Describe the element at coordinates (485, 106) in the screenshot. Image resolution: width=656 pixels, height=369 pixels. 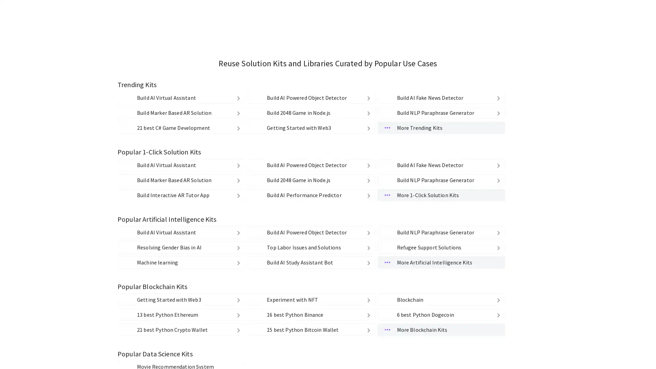
I see `Find` at that location.